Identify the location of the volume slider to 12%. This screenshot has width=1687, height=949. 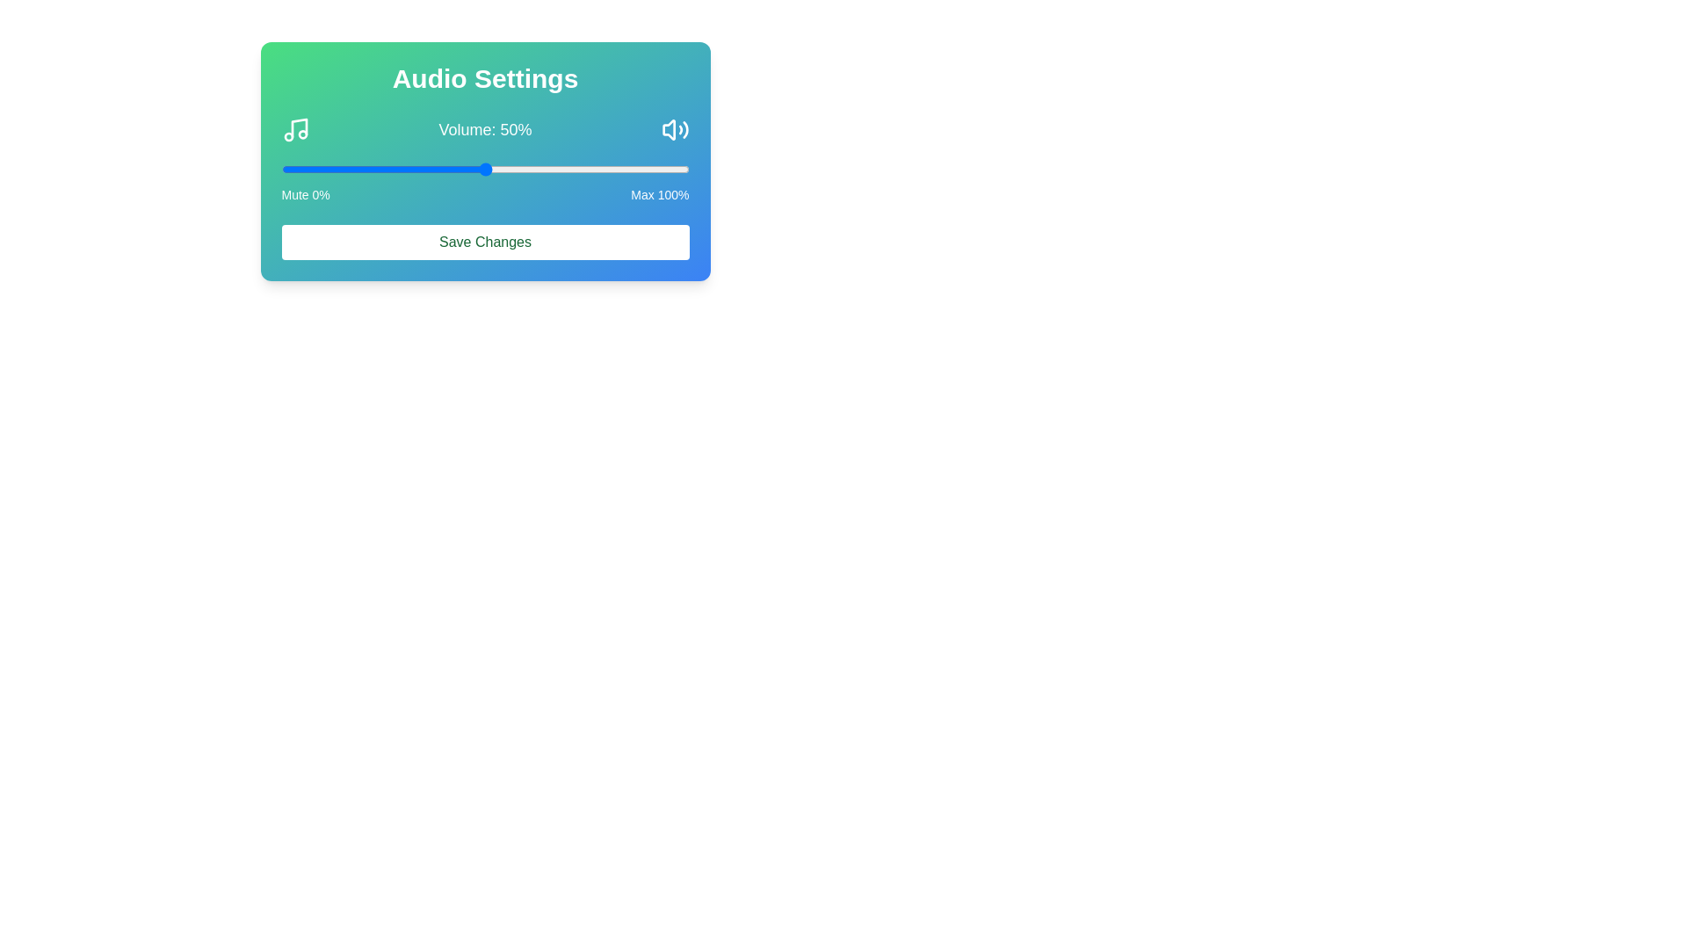
(330, 169).